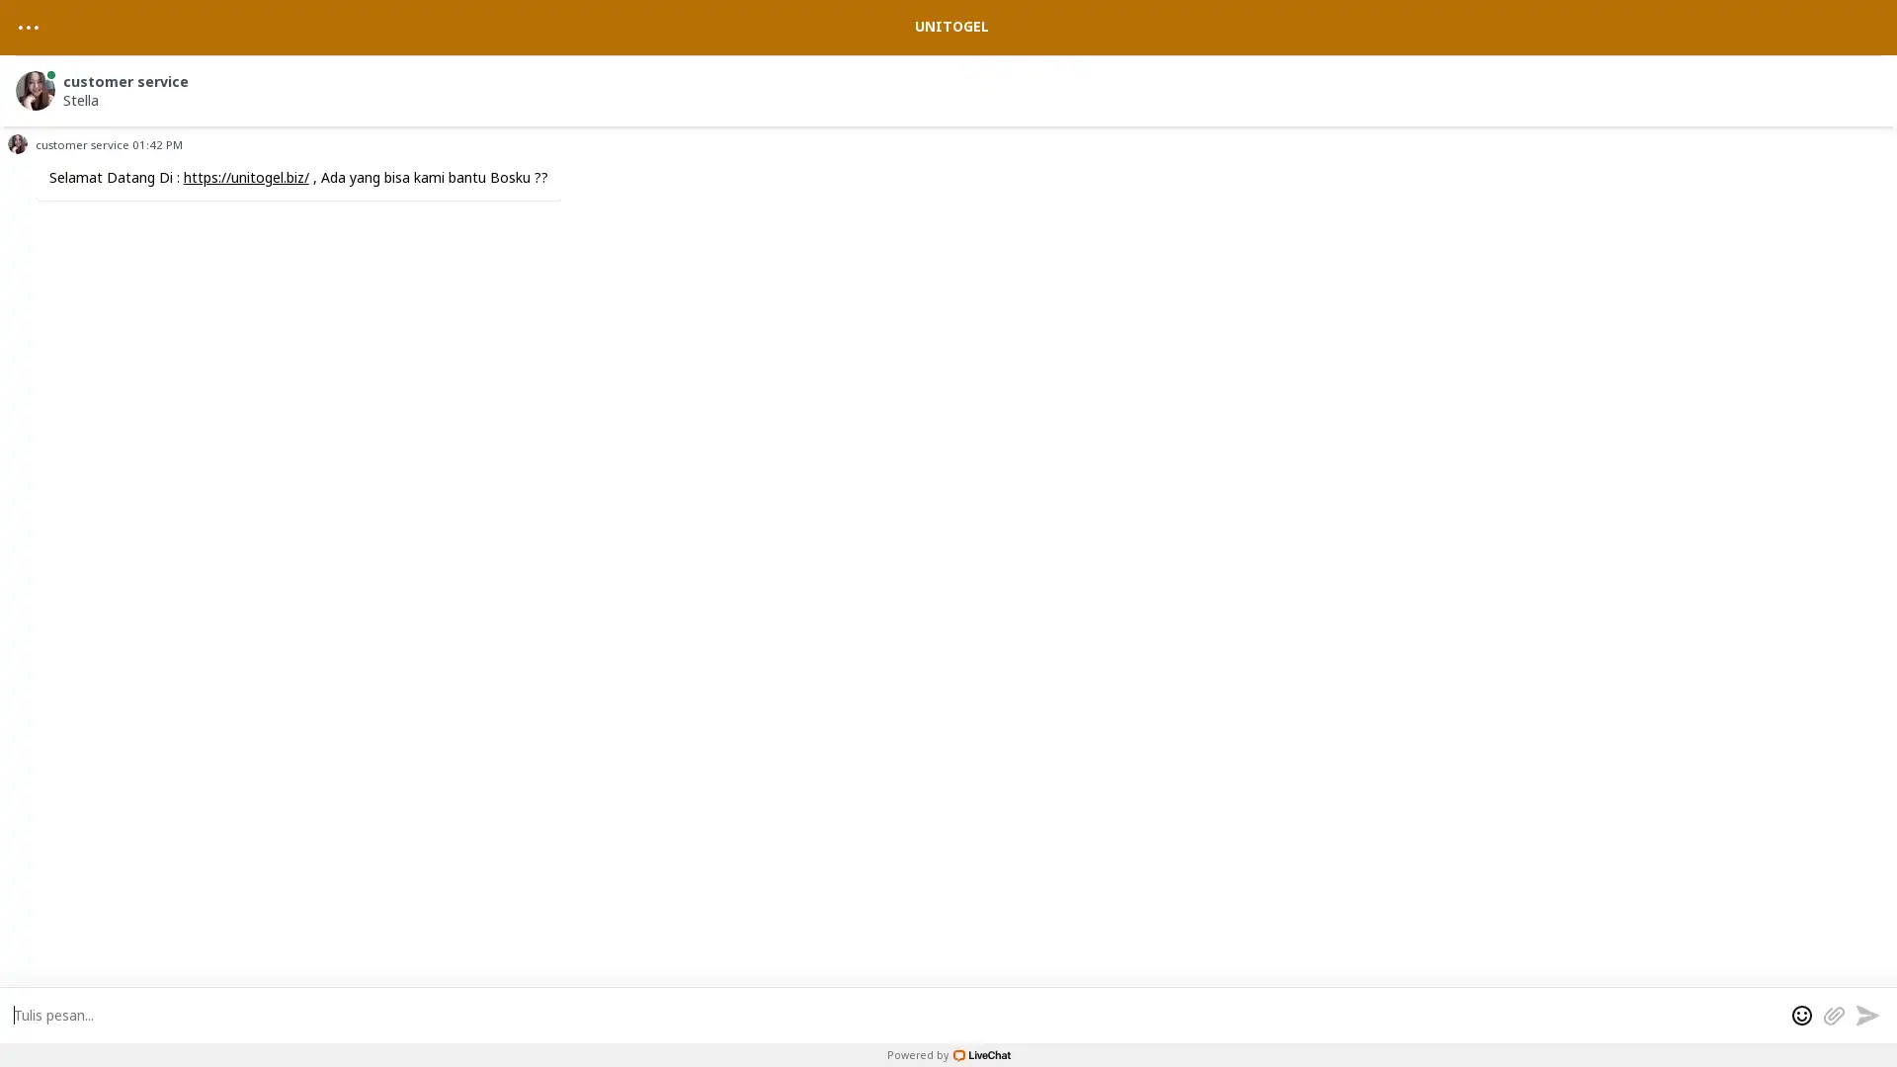  Describe the element at coordinates (1833, 1014) in the screenshot. I see `Send a file` at that location.